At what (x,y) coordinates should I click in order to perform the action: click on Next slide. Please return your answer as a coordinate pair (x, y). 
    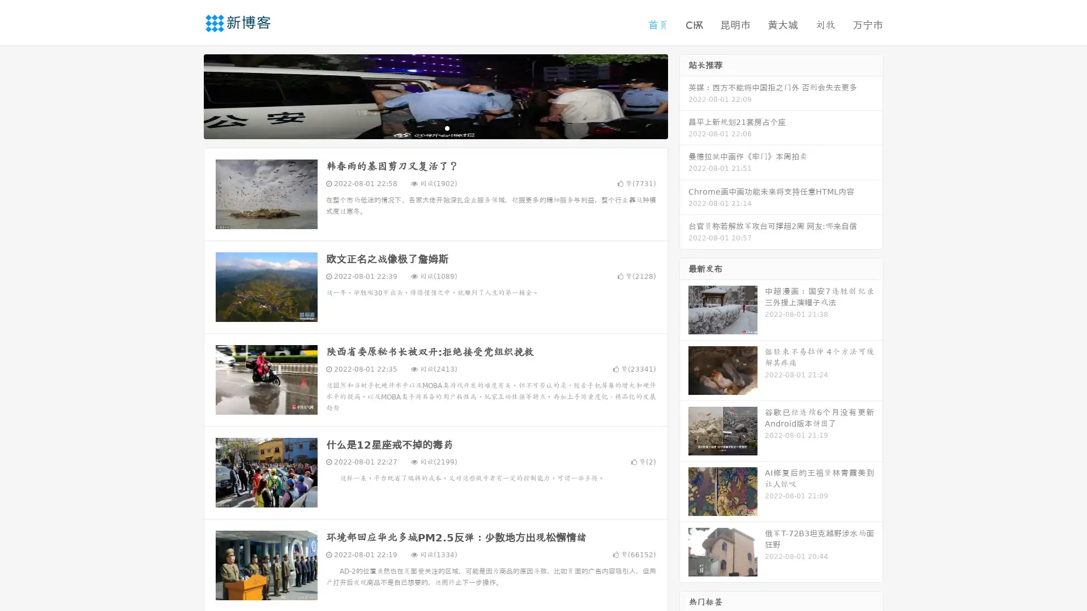
    Looking at the image, I should click on (684, 95).